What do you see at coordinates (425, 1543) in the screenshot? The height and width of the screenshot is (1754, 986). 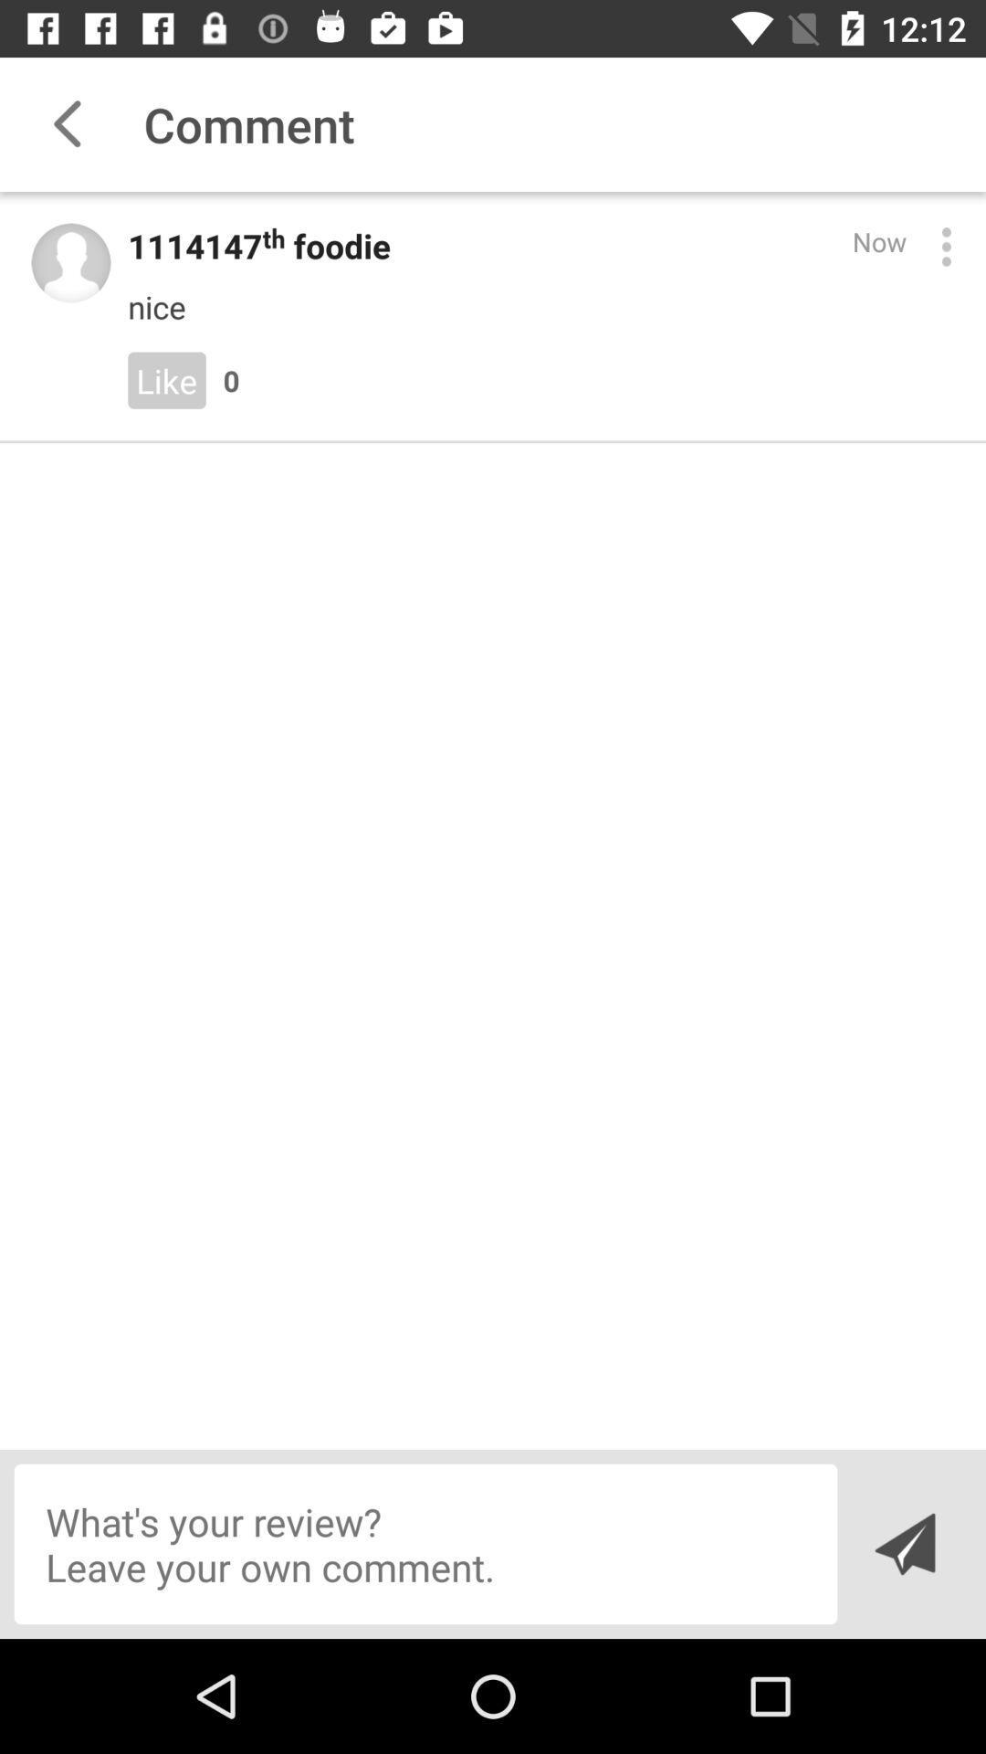 I see `comment/review text box` at bounding box center [425, 1543].